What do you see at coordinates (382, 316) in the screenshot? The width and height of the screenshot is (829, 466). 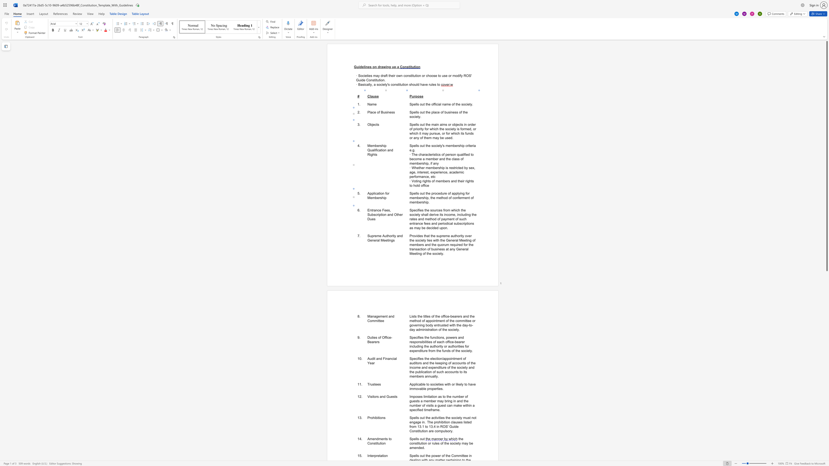 I see `the space between the continuous character "m" and "e" in the text` at bounding box center [382, 316].